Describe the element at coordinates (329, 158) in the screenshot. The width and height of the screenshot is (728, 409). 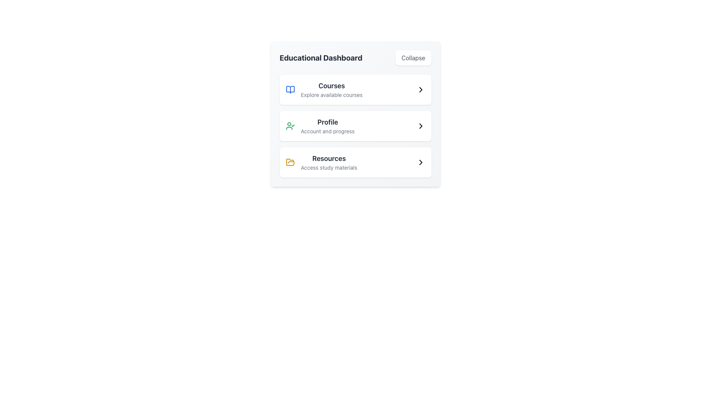
I see `'Resources' text label, which is the primary text in the third item of the list on the dashboard interface, styled in bold dark gray and aligned with an orange folder icon` at that location.